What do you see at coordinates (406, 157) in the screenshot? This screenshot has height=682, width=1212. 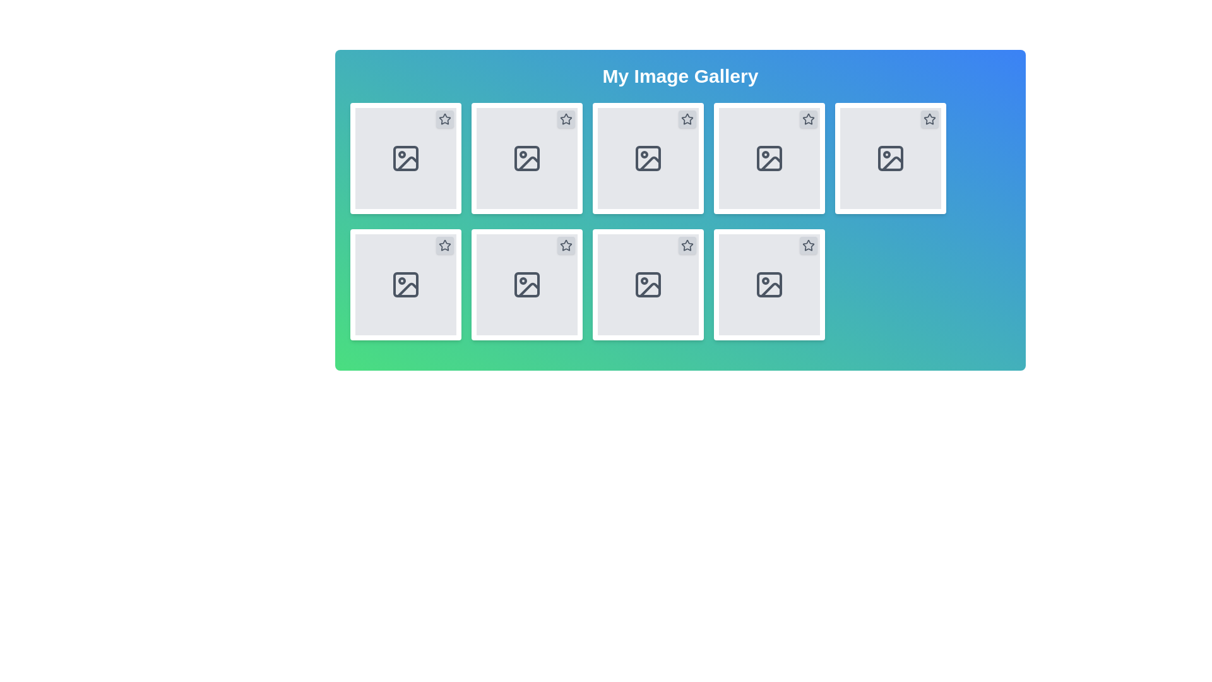 I see `the Image Icon Placeholder located at the first cell of the first row in the 3x3 grid of the image gallery` at bounding box center [406, 157].